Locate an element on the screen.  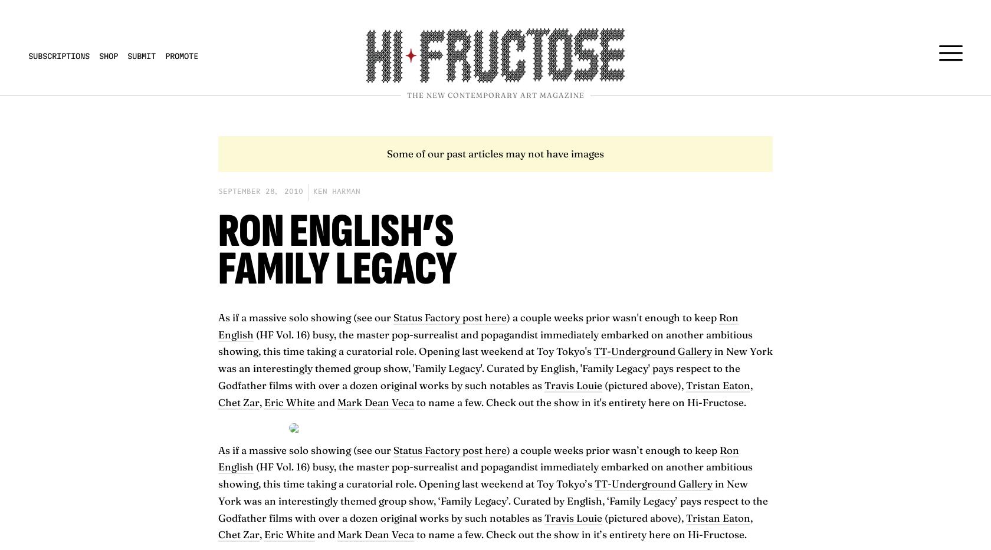
'Submit' is located at coordinates (142, 55).